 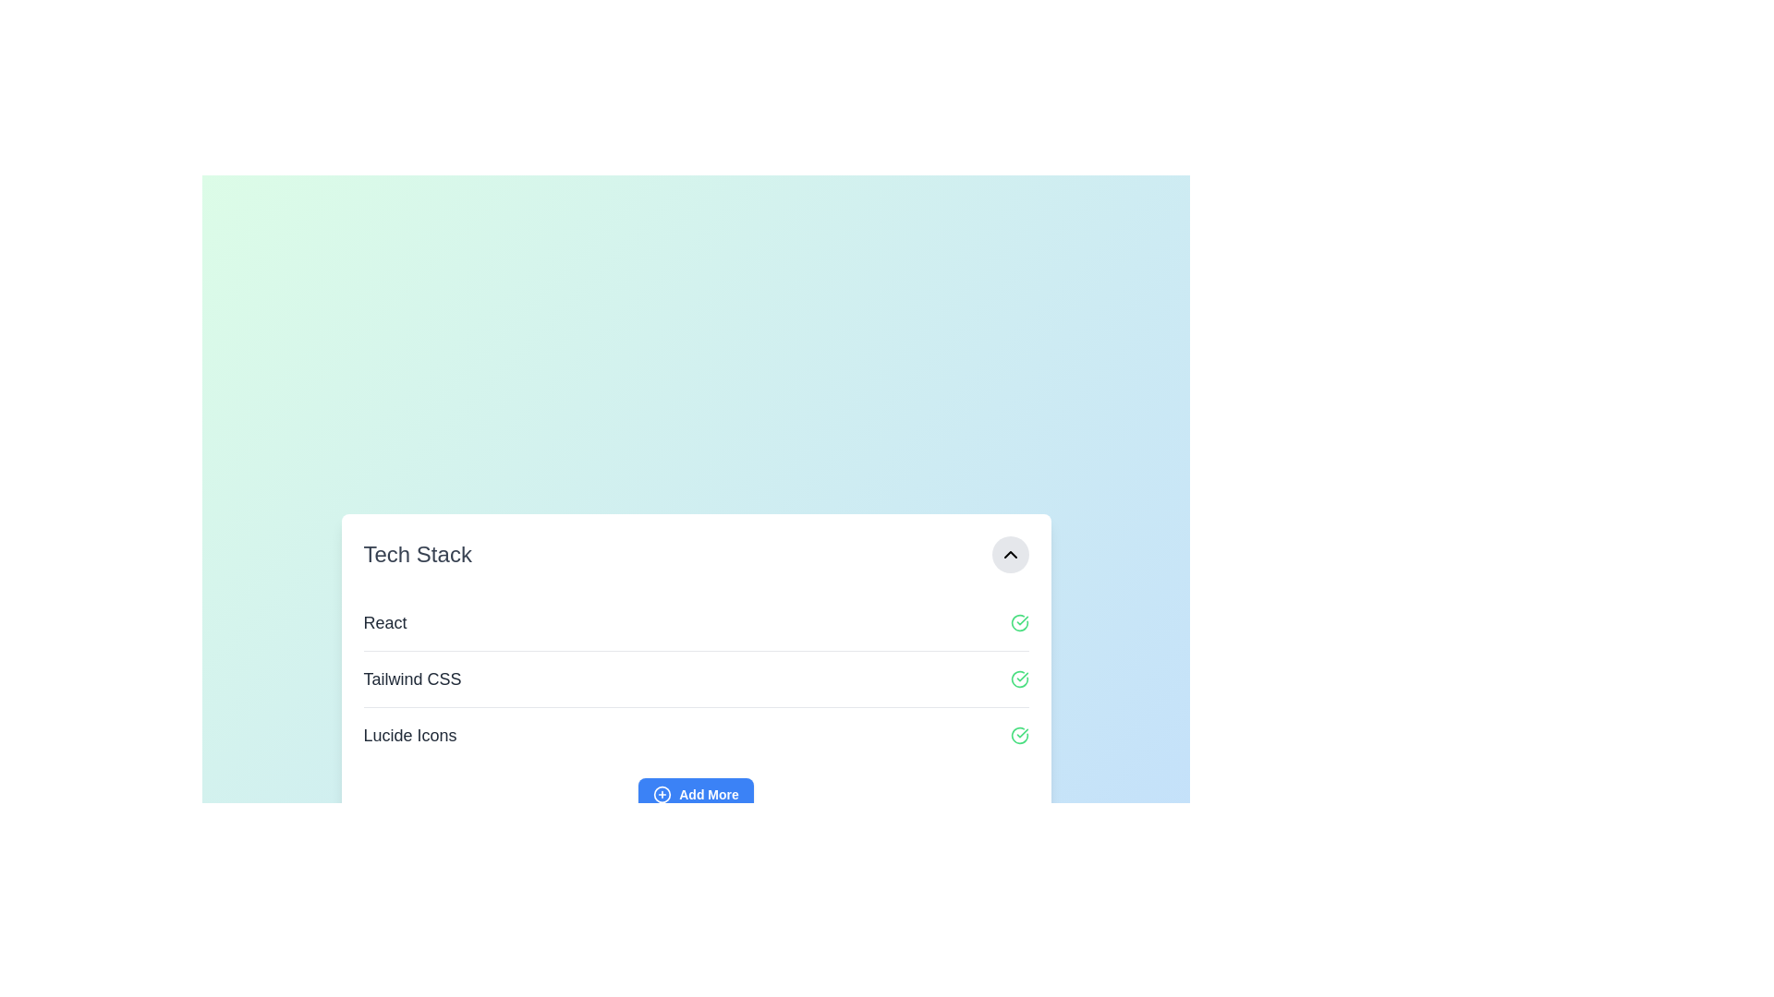 What do you see at coordinates (695, 793) in the screenshot?
I see `the button located at the bottom of the technology list` at bounding box center [695, 793].